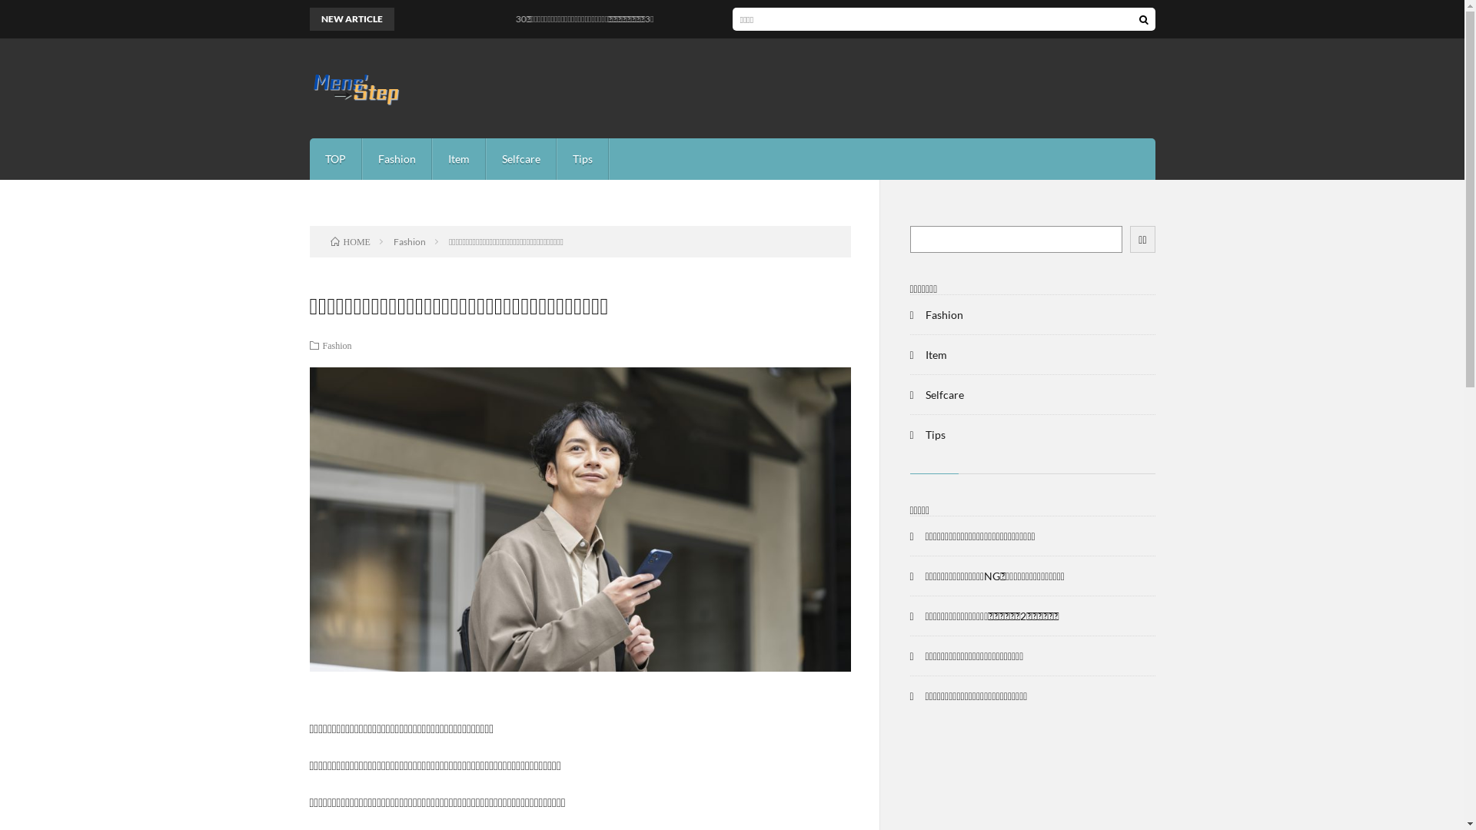  Describe the element at coordinates (520, 159) in the screenshot. I see `'Selfcare'` at that location.